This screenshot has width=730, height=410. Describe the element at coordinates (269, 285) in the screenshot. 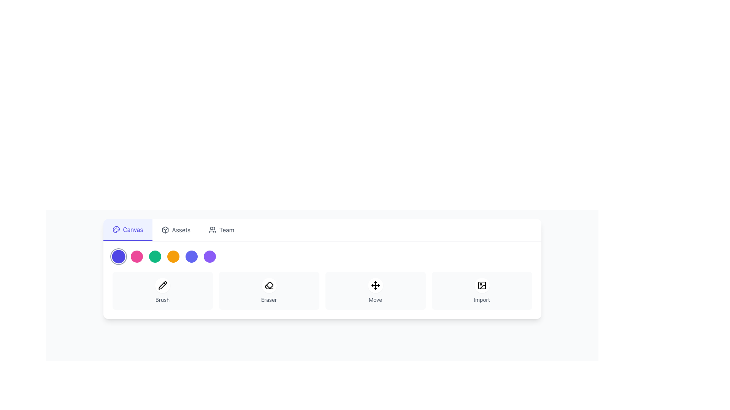

I see `the eraser icon button located in the middle of the toolbar grid` at that location.